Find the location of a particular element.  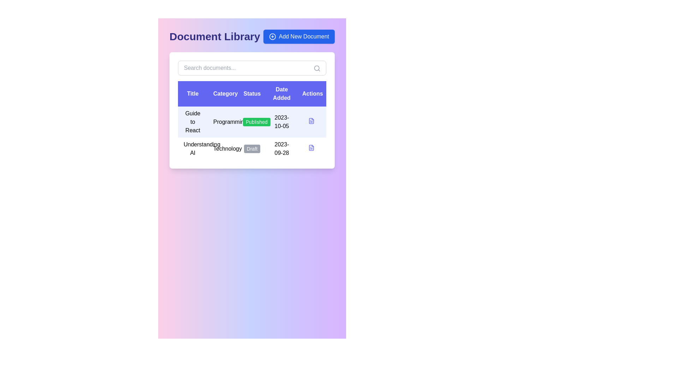

the document icon representing 'Guide to React' is located at coordinates (311, 147).